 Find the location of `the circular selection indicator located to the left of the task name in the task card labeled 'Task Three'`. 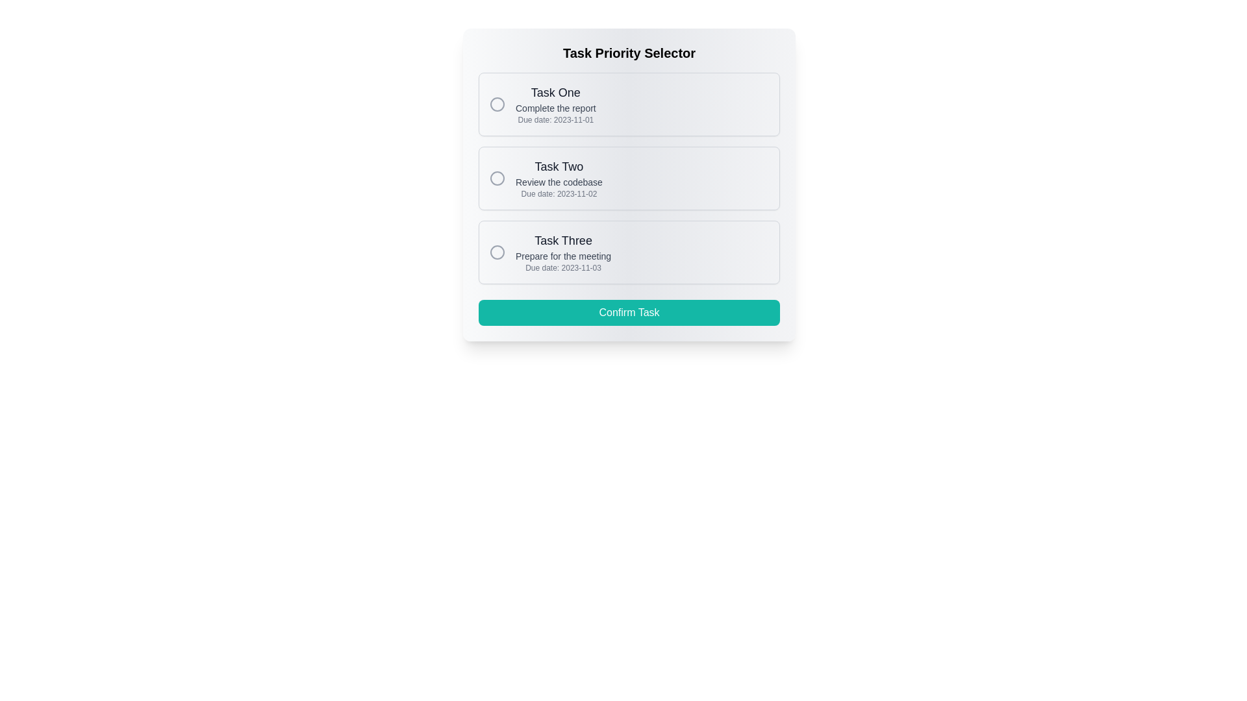

the circular selection indicator located to the left of the task name in the task card labeled 'Task Three' is located at coordinates (497, 252).